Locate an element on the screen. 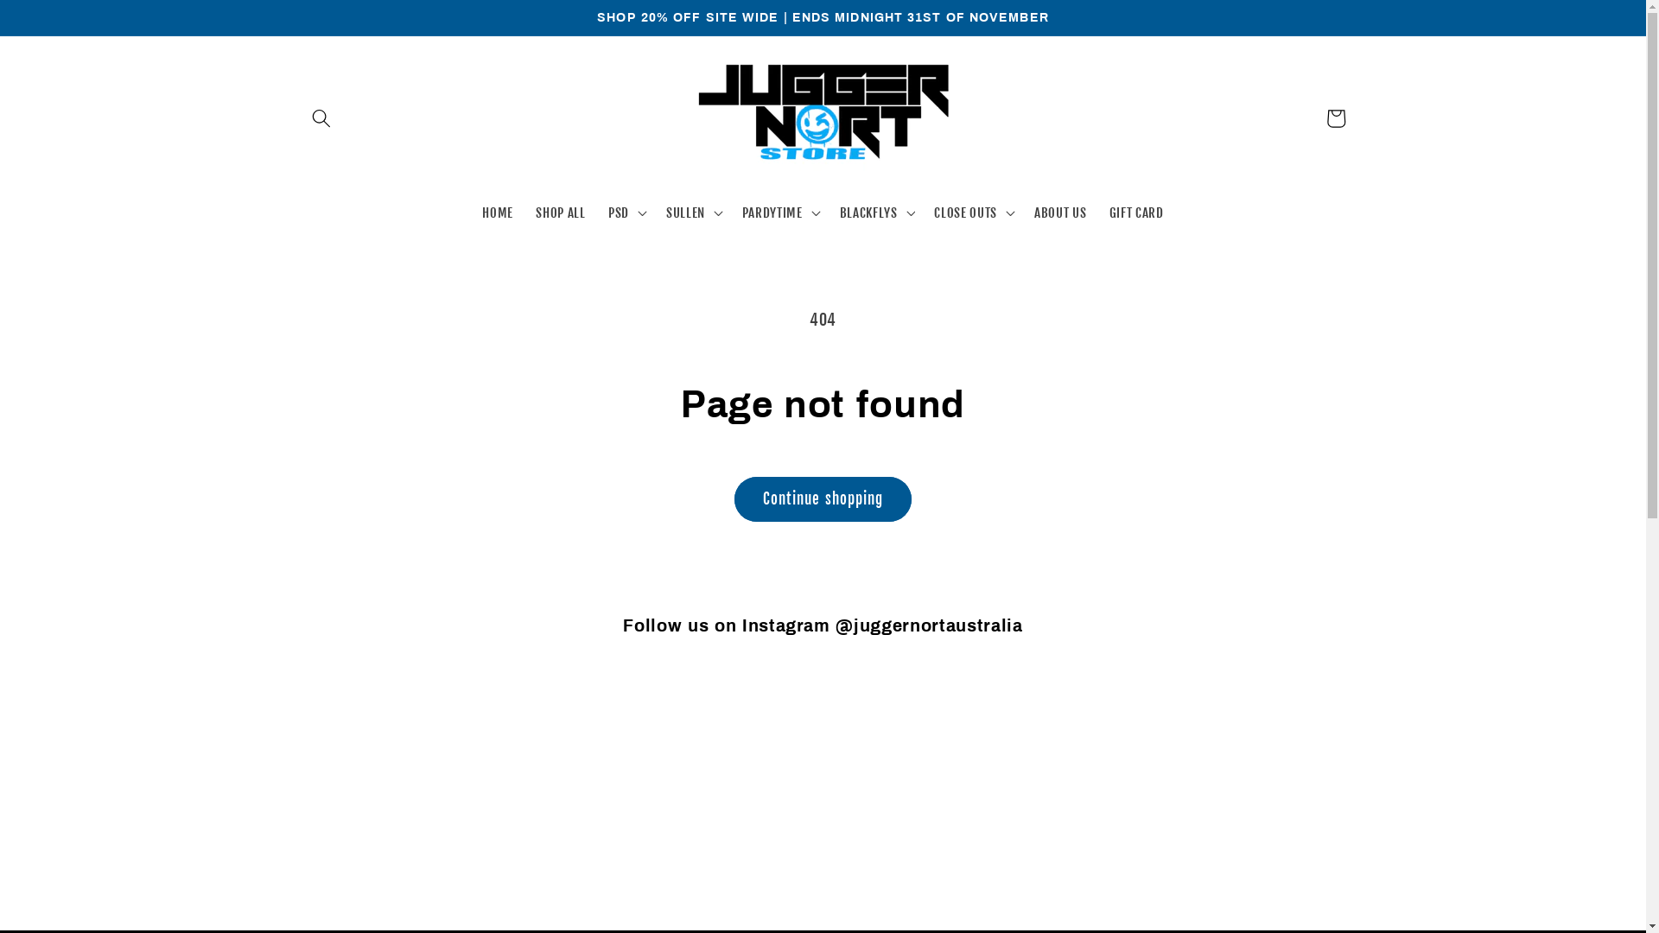 The height and width of the screenshot is (933, 1659). 'GIFT CARD' is located at coordinates (1135, 212).